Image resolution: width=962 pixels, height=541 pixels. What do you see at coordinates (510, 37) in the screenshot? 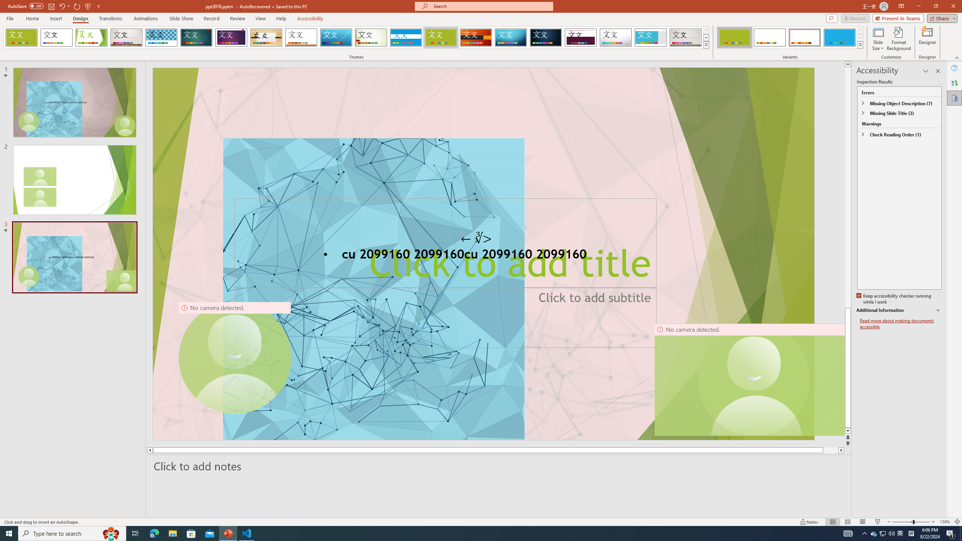
I see `'Circuit'` at bounding box center [510, 37].